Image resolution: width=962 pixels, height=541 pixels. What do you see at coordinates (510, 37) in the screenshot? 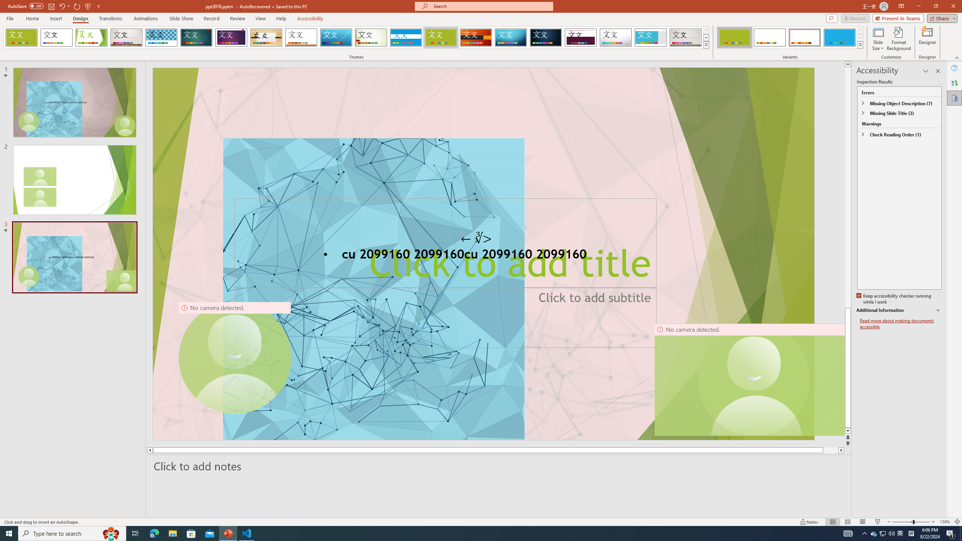
I see `'Circuit'` at bounding box center [510, 37].